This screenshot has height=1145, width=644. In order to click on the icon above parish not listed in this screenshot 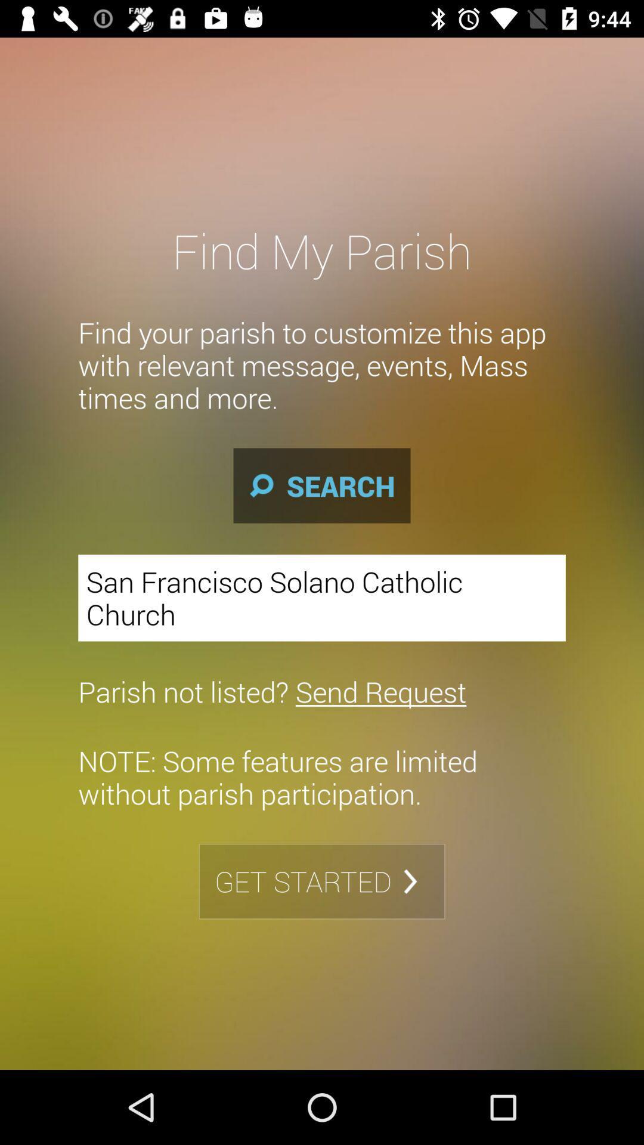, I will do `click(322, 598)`.